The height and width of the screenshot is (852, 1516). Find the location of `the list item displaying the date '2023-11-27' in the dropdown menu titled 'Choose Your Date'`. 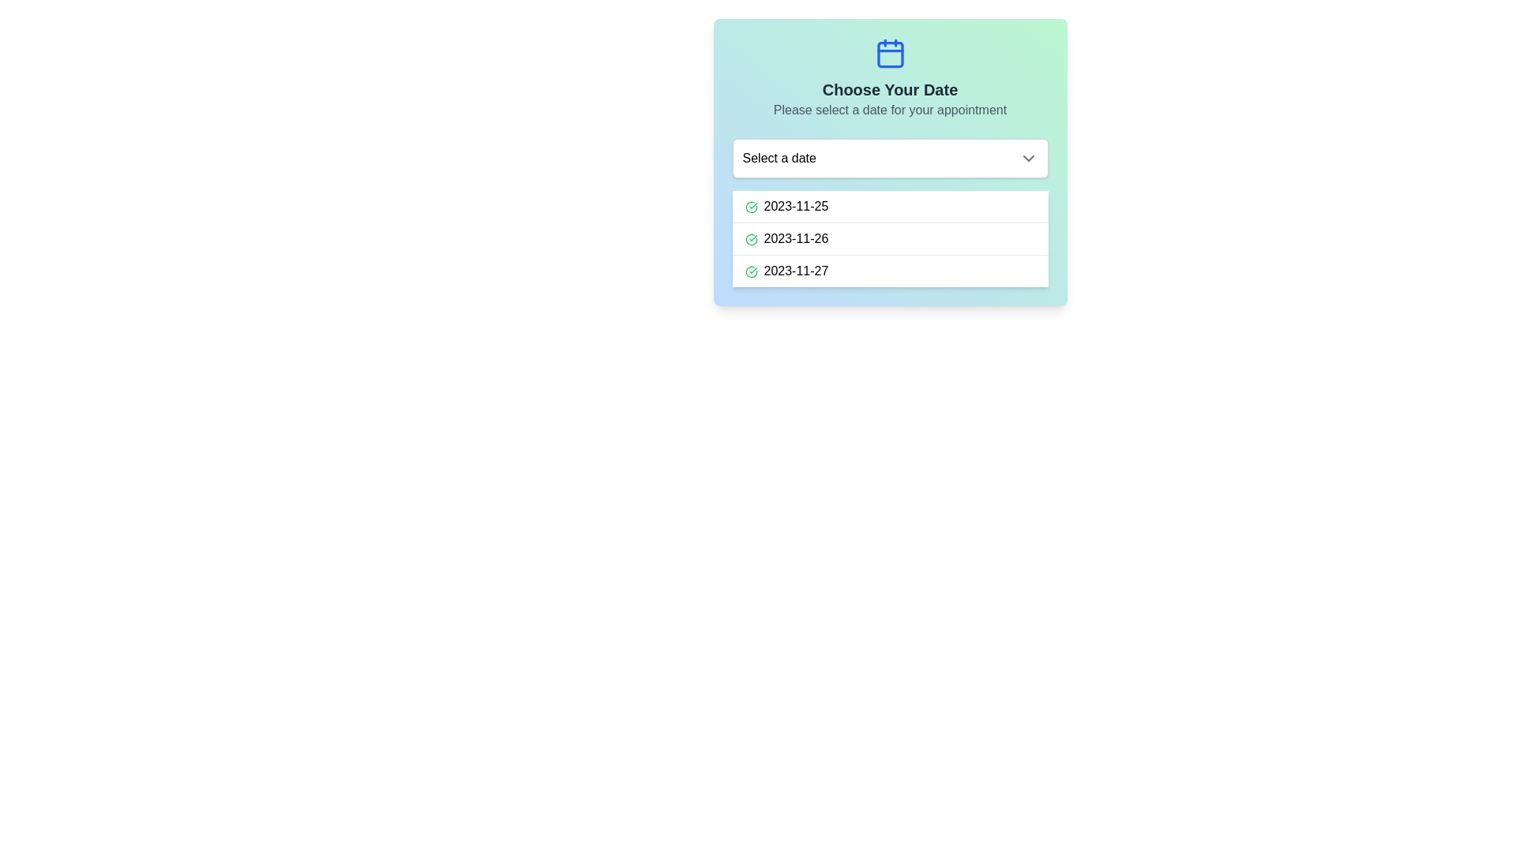

the list item displaying the date '2023-11-27' in the dropdown menu titled 'Choose Your Date' is located at coordinates (890, 270).